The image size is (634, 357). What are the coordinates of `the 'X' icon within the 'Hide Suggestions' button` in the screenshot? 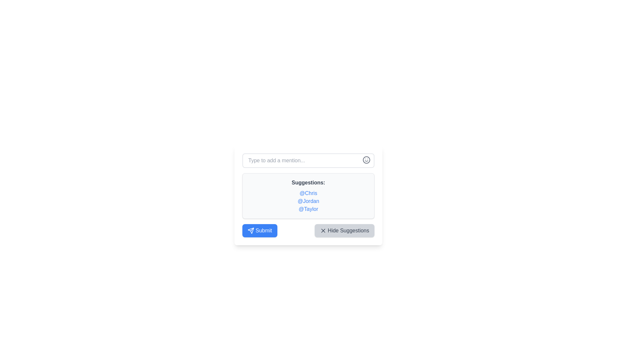 It's located at (323, 230).